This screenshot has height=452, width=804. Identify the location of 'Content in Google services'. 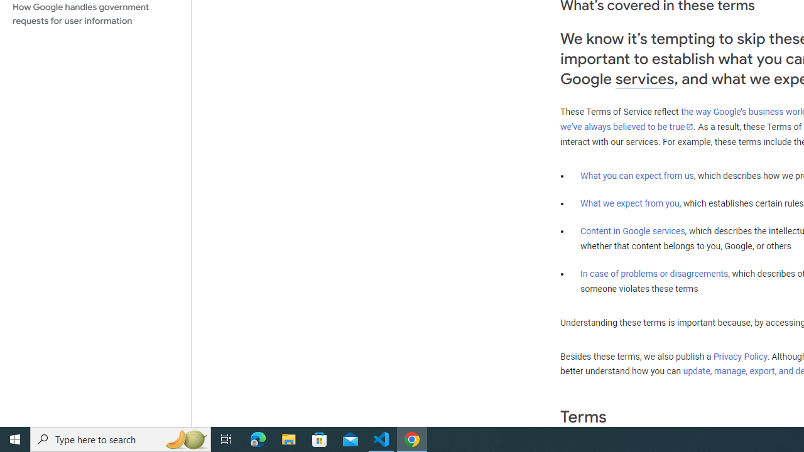
(633, 231).